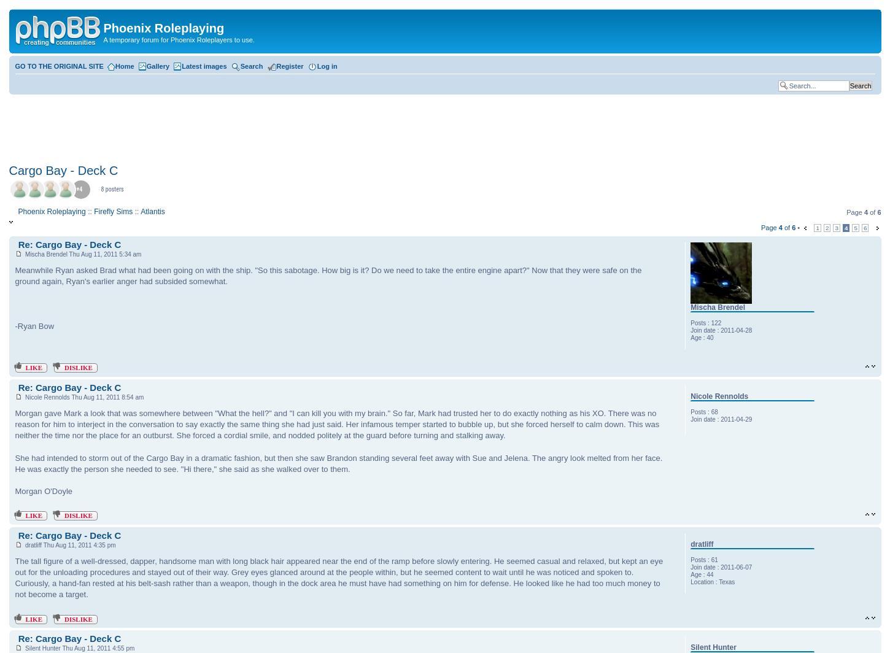  Describe the element at coordinates (68, 544) in the screenshot. I see `'dratliff Thu Aug 11, 2011 4:35 pm'` at that location.